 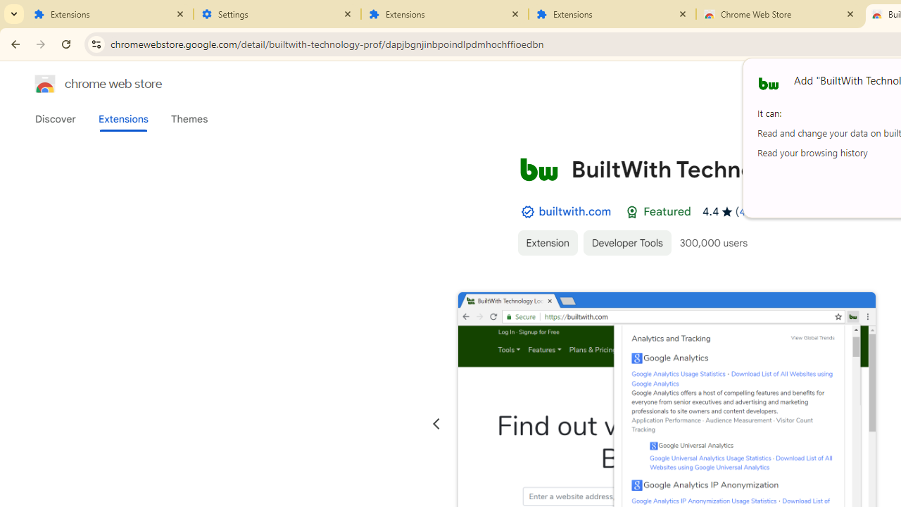 I want to click on 'Featured Badge', so click(x=631, y=212).